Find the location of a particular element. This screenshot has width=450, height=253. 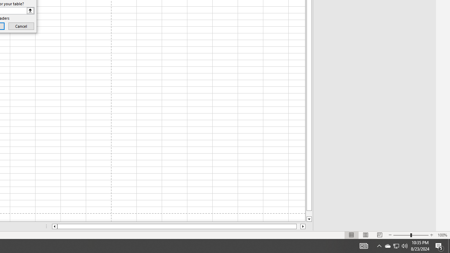

'Column left' is located at coordinates (54, 226).